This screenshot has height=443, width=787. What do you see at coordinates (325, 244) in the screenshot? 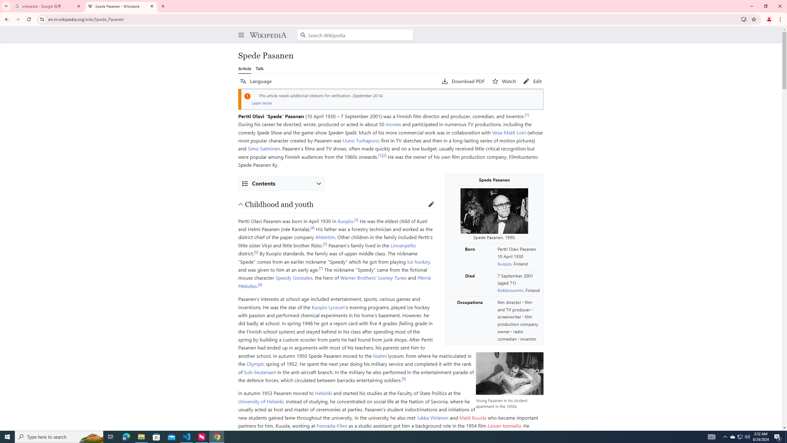
I see `'[5]'` at bounding box center [325, 244].